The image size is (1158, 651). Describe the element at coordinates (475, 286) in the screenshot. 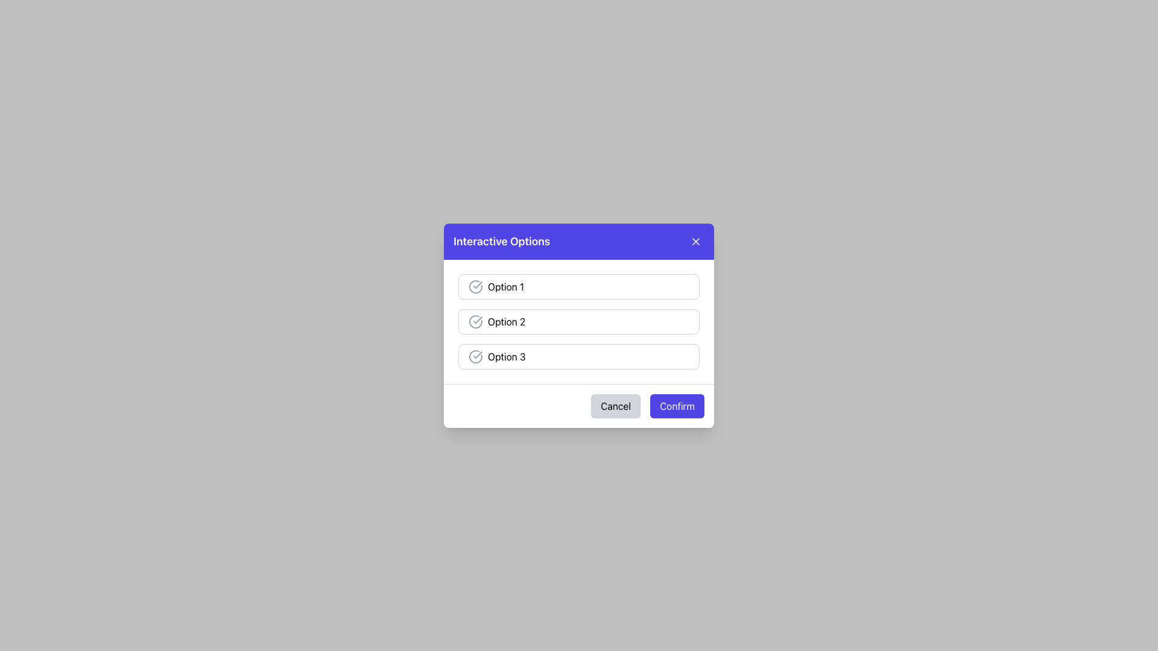

I see `the state of the circular checkmark icon located to the left of the text 'Option 1' in the 'Interactive Options' list` at that location.